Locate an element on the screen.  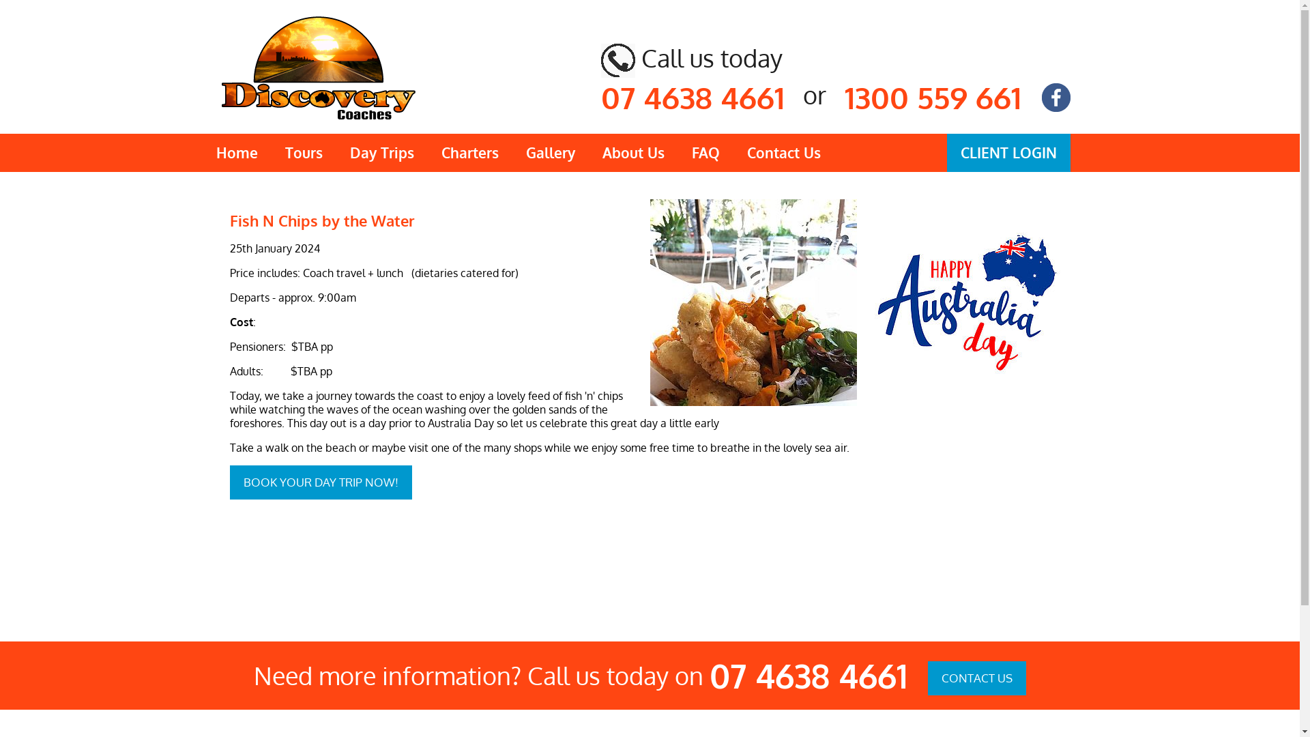
'Charters' is located at coordinates (426, 152).